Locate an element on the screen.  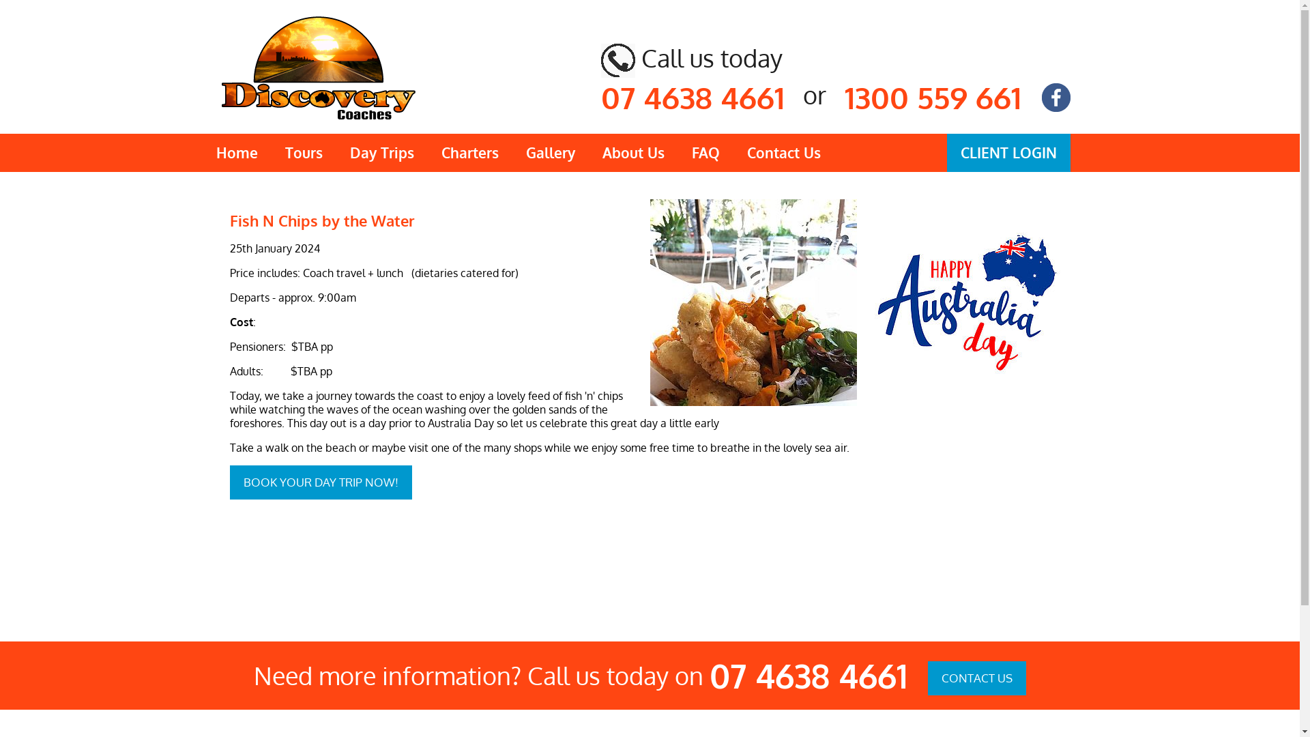
'Charters' is located at coordinates (426, 152).